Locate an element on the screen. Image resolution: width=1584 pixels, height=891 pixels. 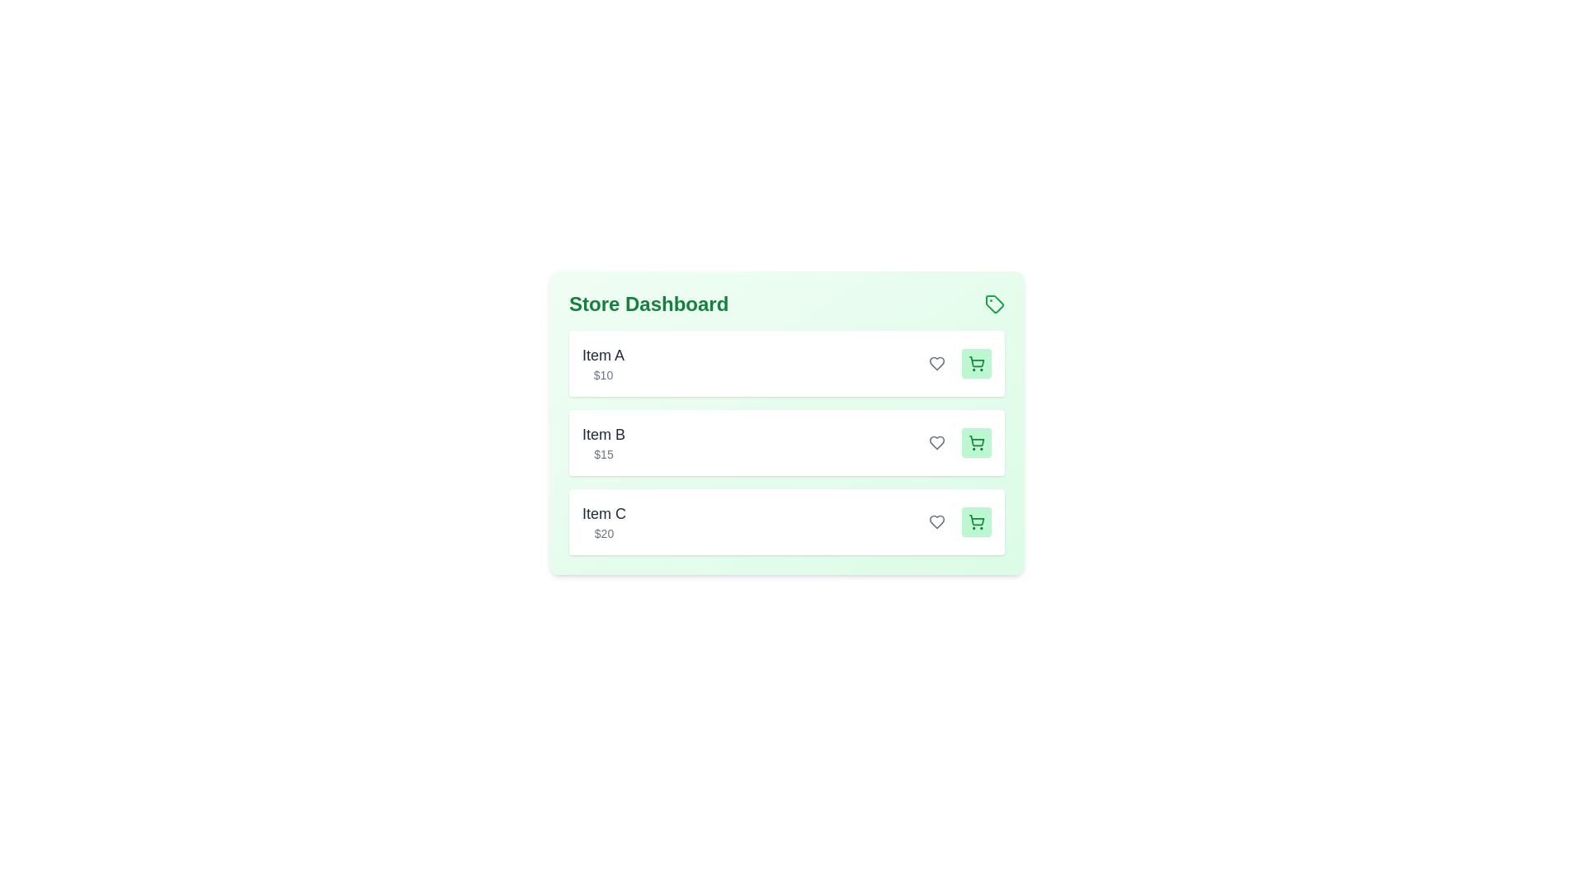
the text label displaying 'Item C' priced at $20, located within the third card under the 'Store Dashboard' heading is located at coordinates (603, 521).